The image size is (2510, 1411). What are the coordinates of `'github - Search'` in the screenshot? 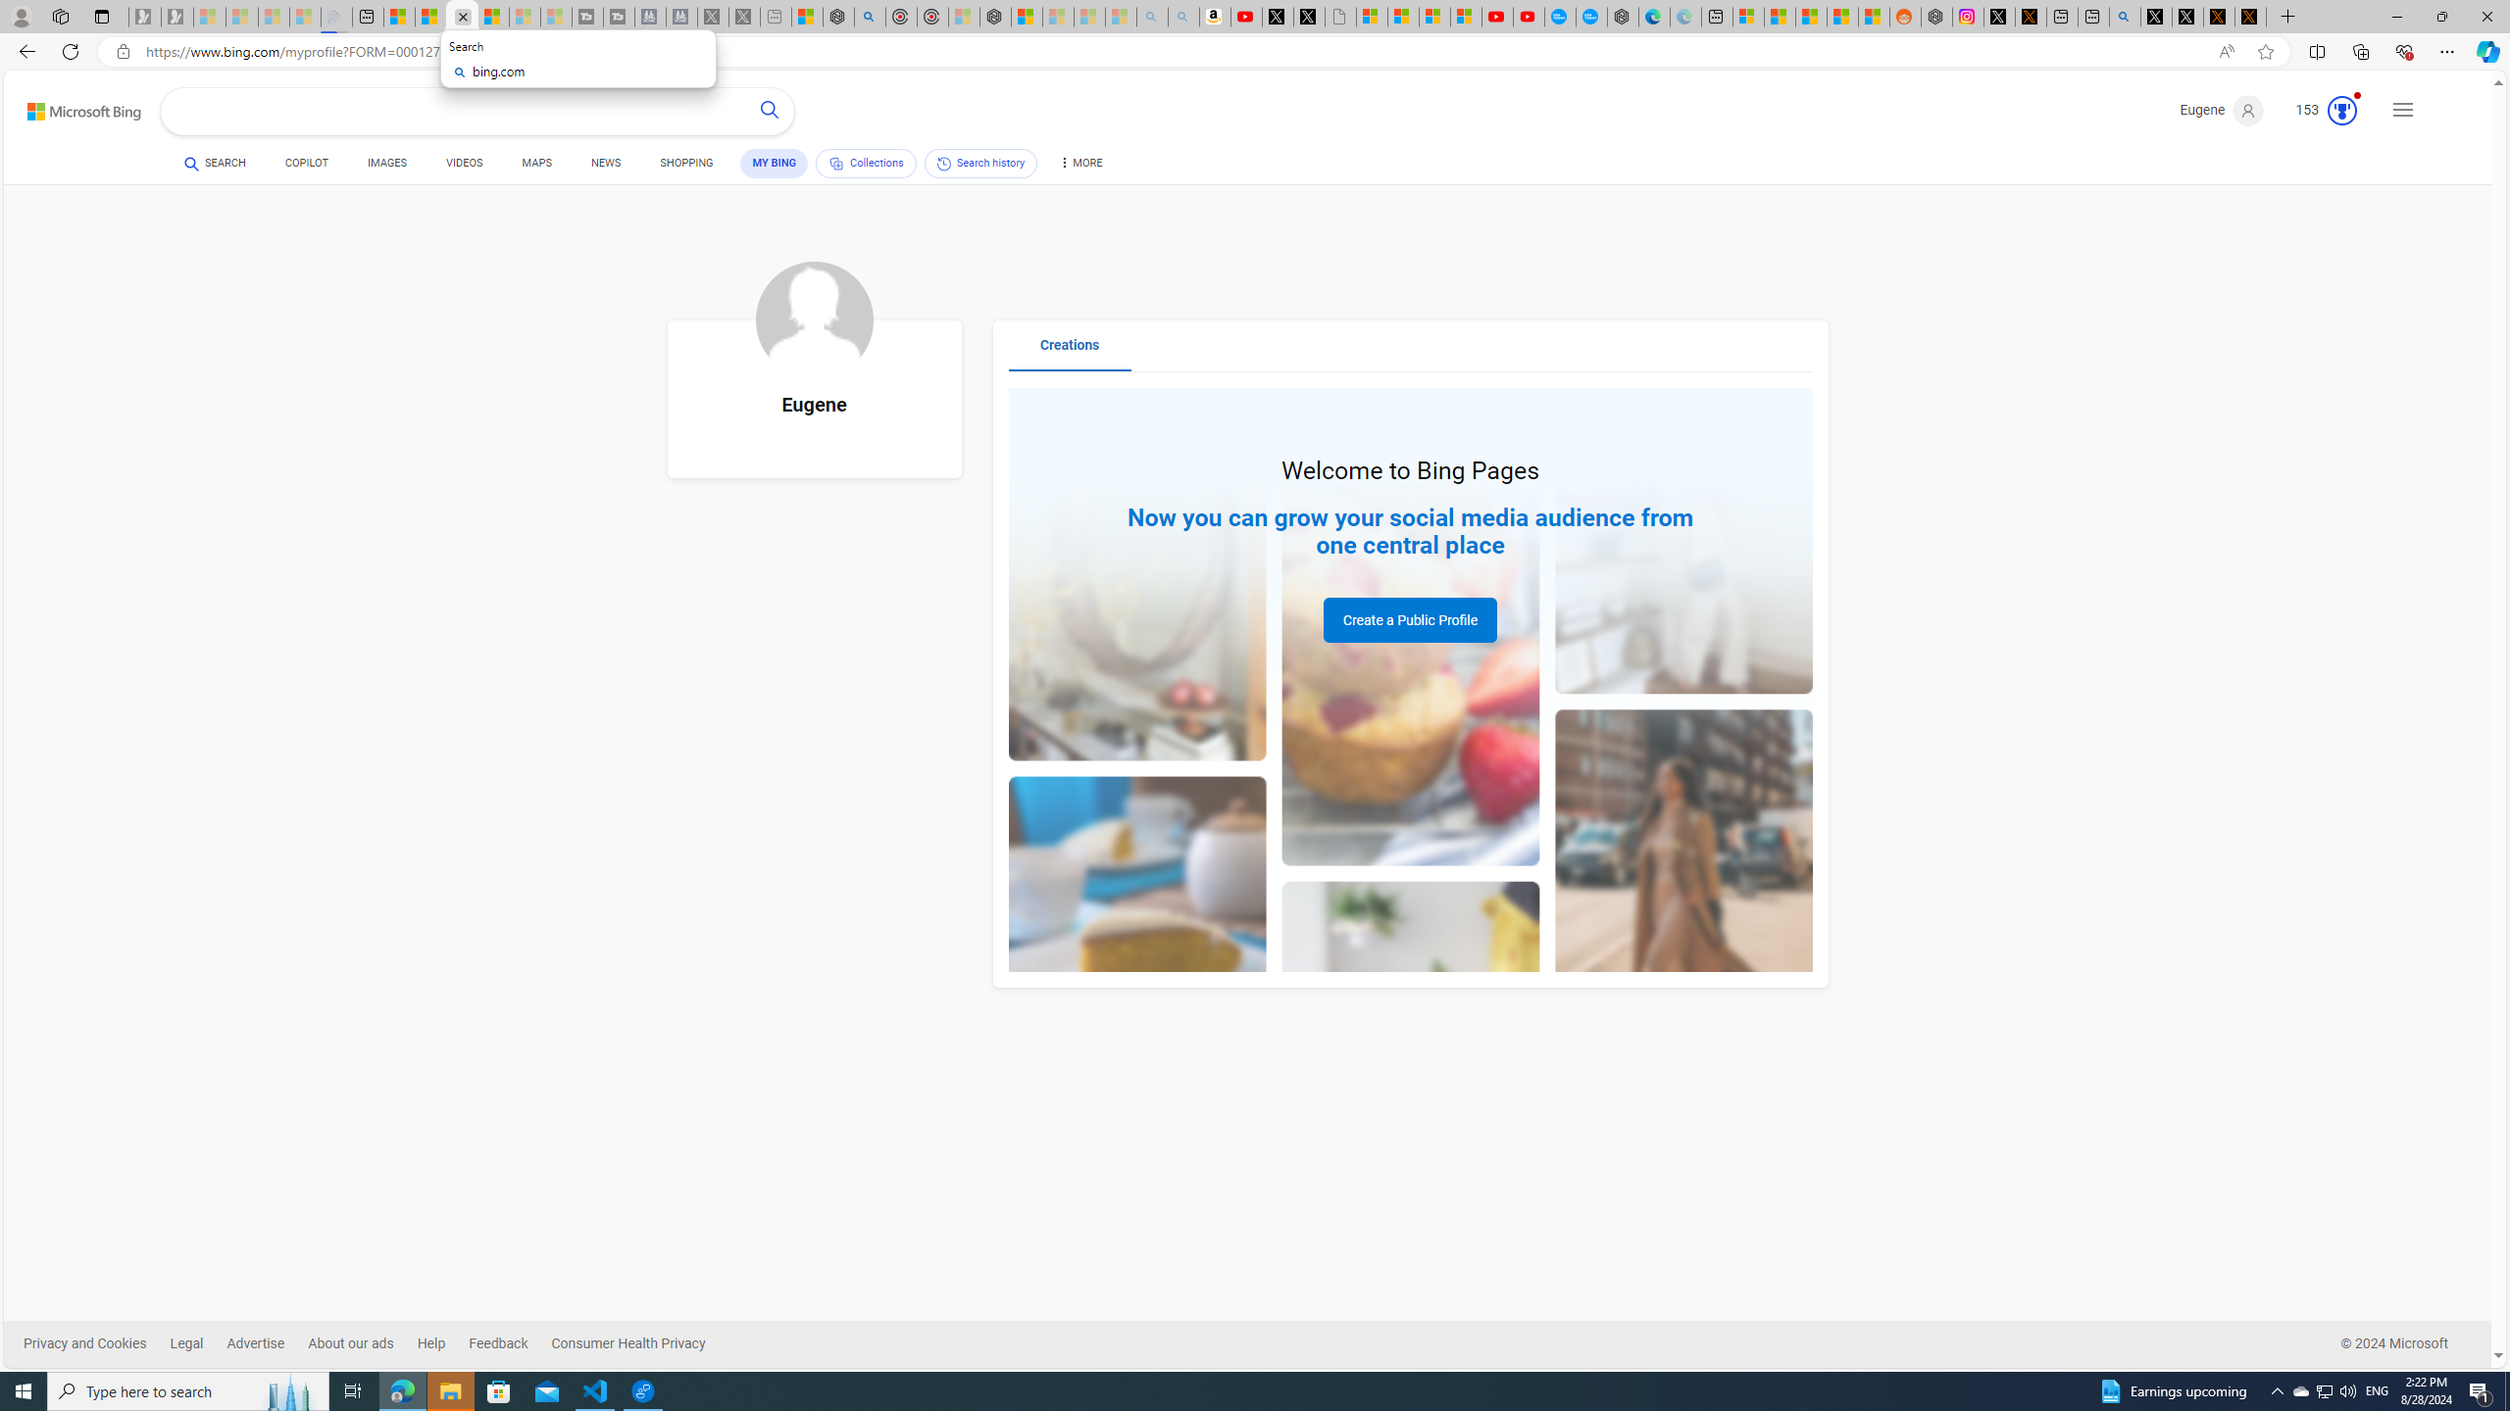 It's located at (2124, 16).